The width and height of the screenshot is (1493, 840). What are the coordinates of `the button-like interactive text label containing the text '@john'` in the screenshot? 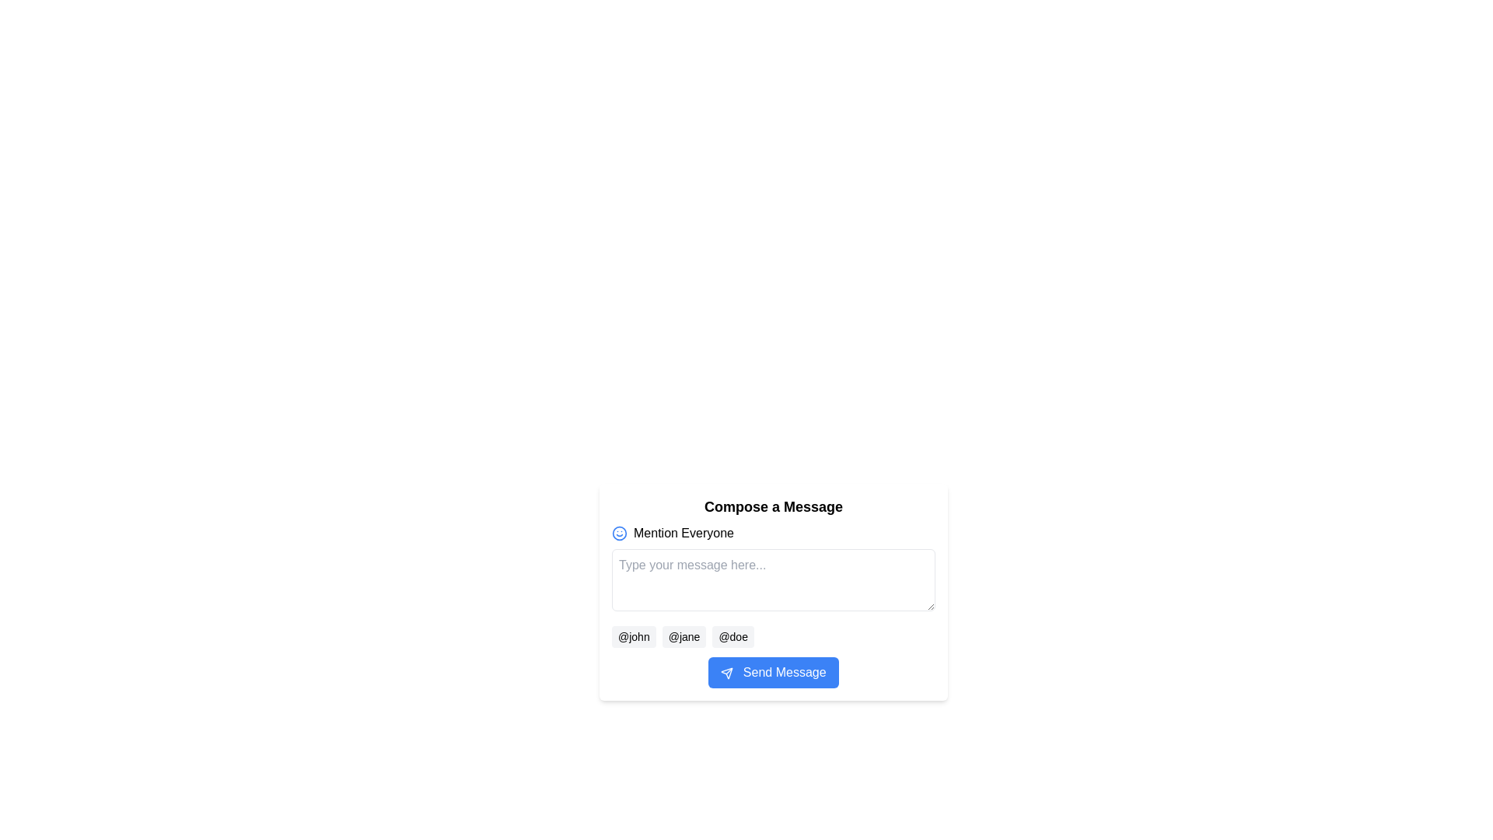 It's located at (634, 636).